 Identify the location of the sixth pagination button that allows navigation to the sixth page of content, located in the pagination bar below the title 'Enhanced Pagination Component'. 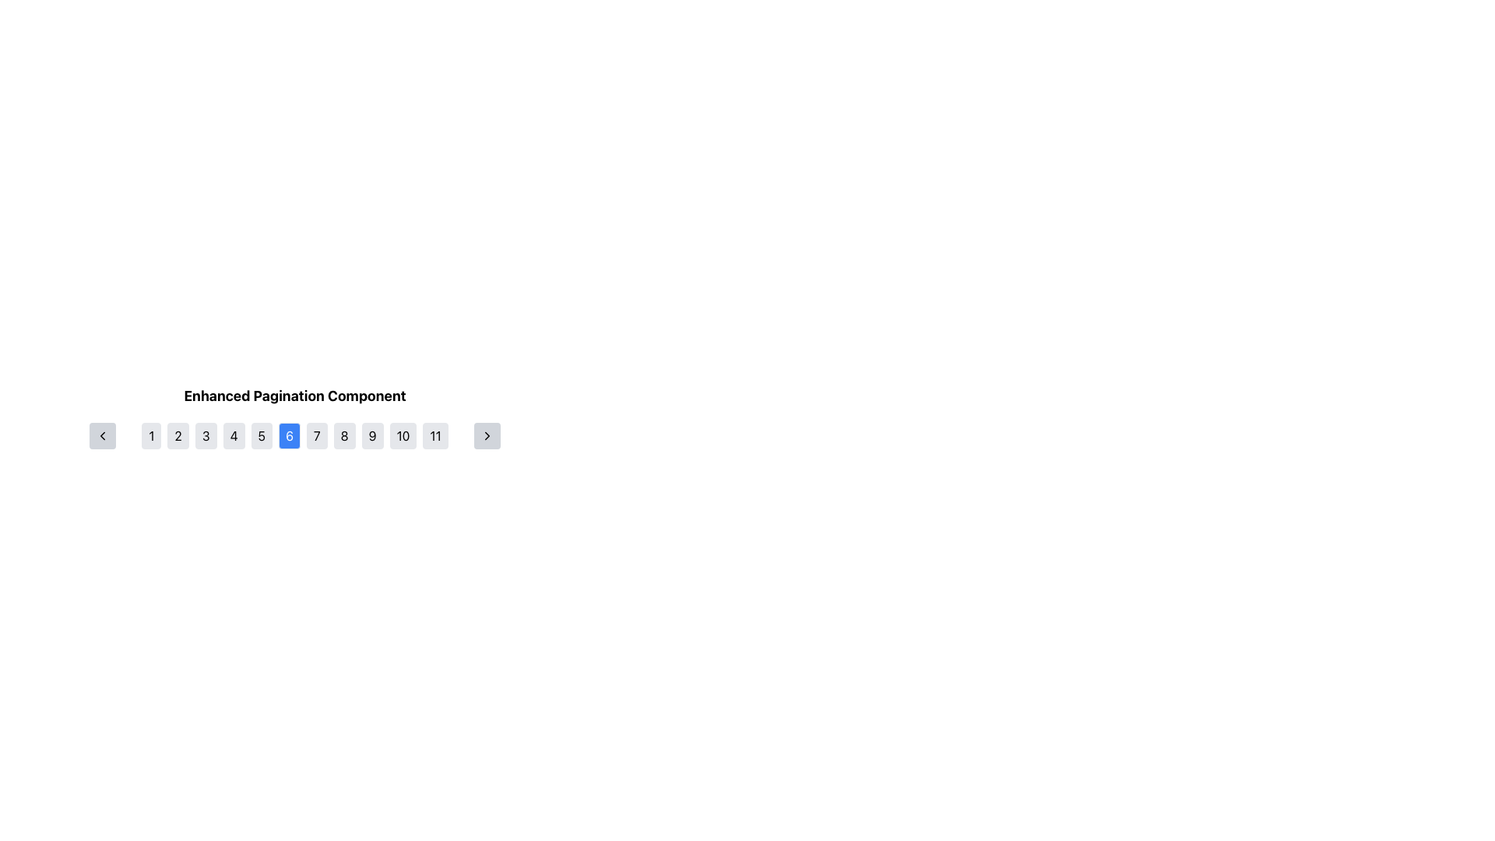
(295, 435).